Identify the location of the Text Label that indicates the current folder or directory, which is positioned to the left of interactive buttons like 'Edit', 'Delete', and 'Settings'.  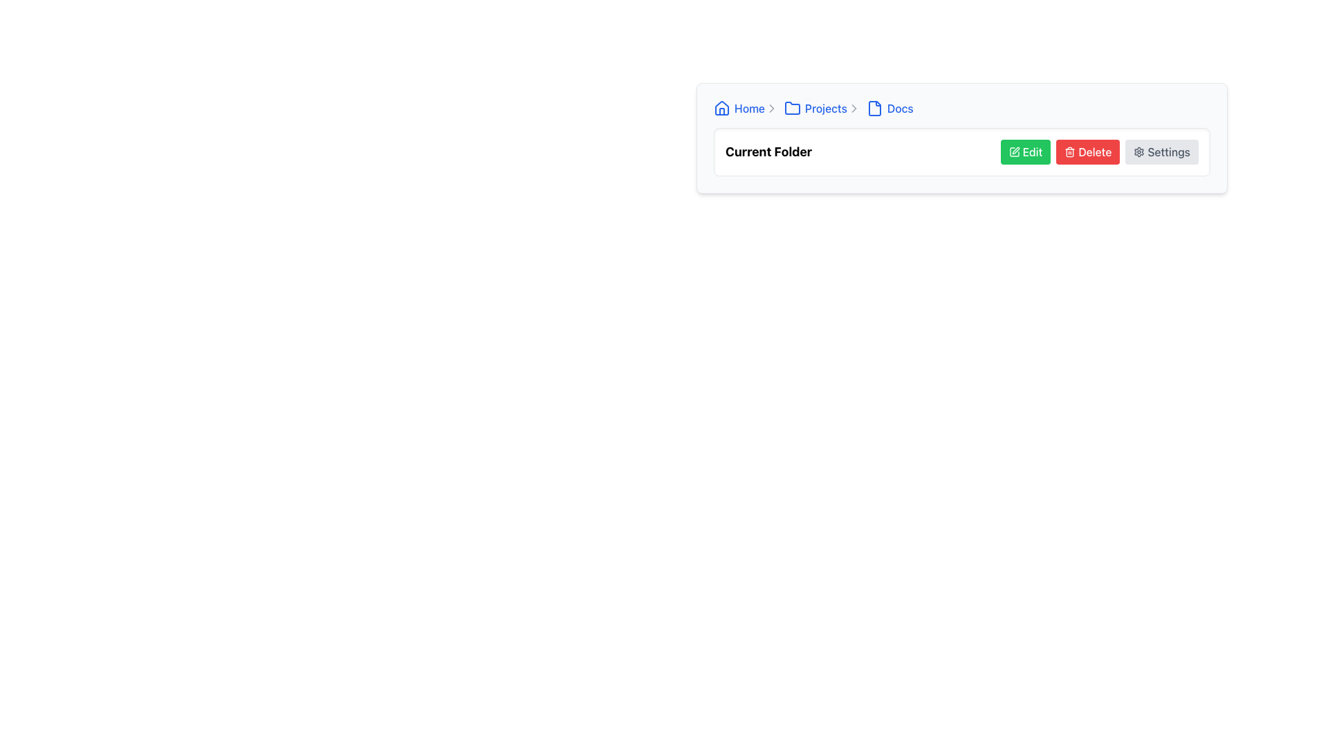
(768, 151).